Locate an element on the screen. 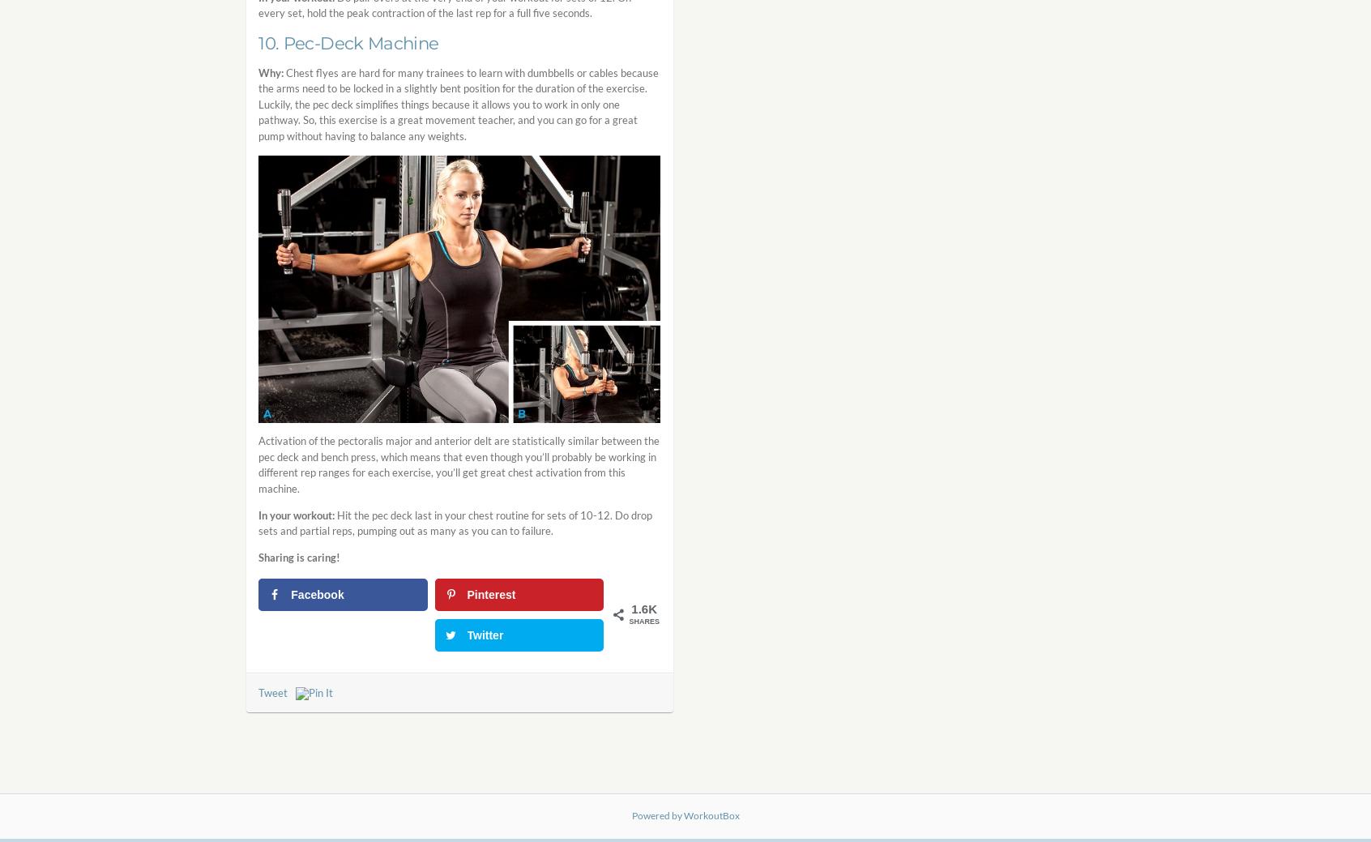 Image resolution: width=1371 pixels, height=842 pixels. '1.6k' is located at coordinates (644, 608).